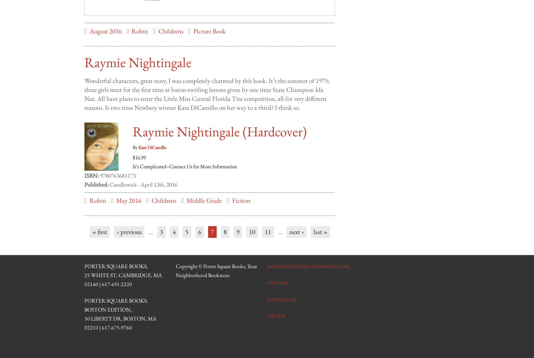  I want to click on '4', so click(173, 225).